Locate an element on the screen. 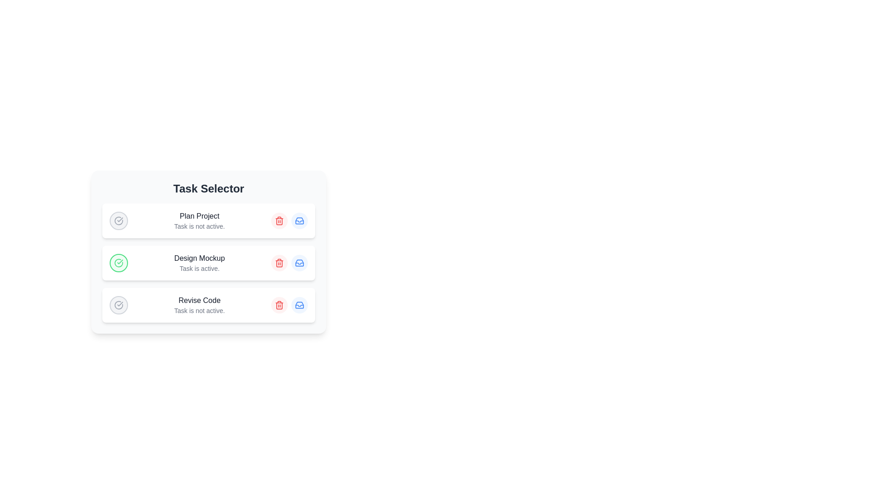  the status message text label indicating that the associated task is not currently active, which is located in the third row of the 'Task Selector' interface beneath the 'Revise Code' title is located at coordinates (199, 310).